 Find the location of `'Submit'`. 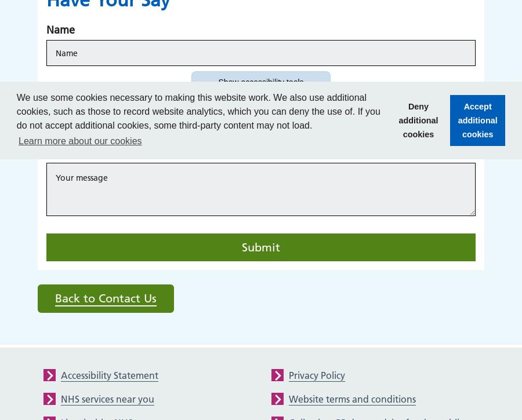

'Submit' is located at coordinates (261, 246).